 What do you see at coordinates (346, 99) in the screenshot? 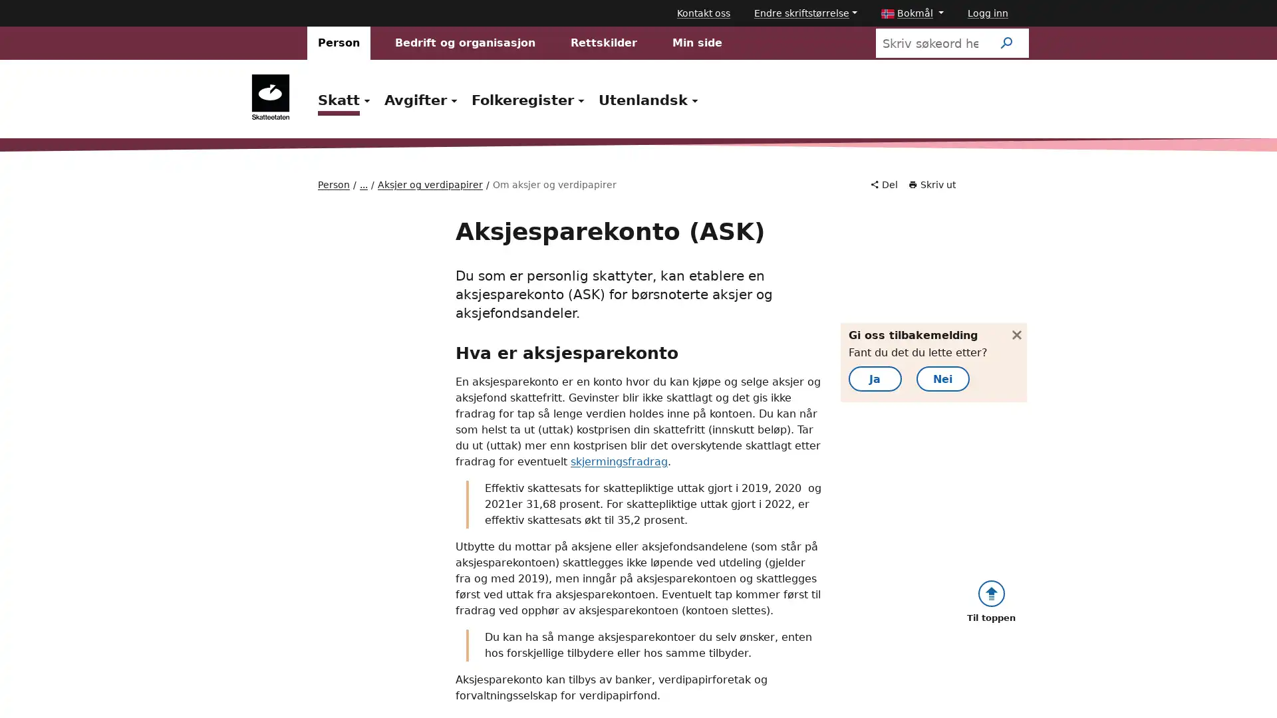
I see `Skatt` at bounding box center [346, 99].